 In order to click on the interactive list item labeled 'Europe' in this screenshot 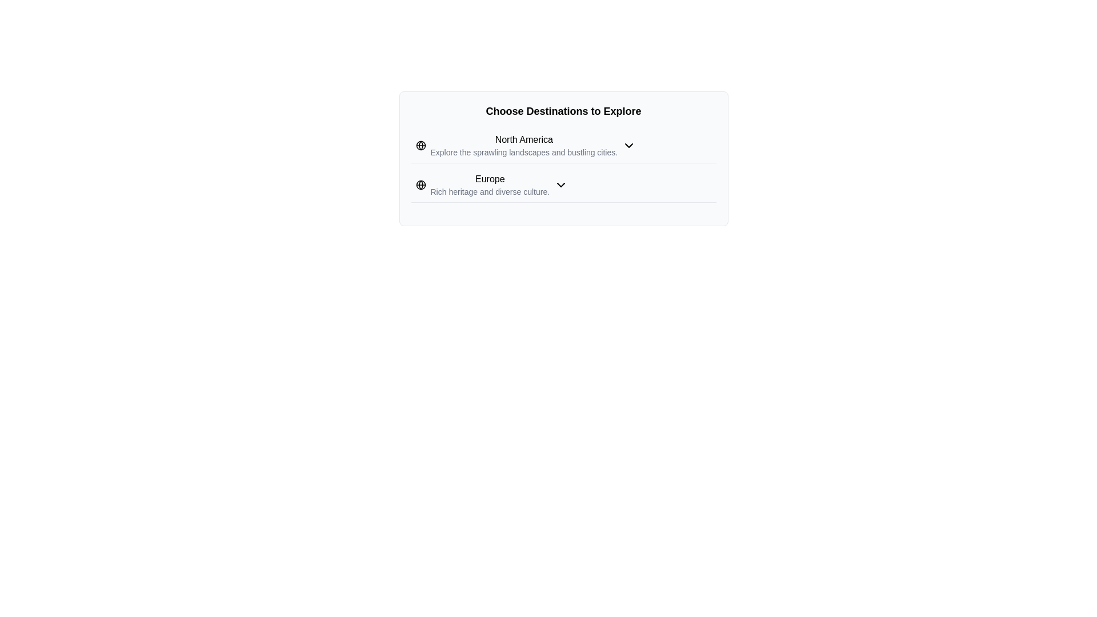, I will do `click(563, 185)`.